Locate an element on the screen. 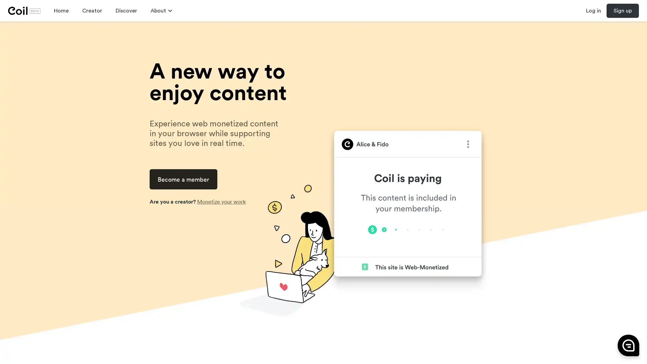 The width and height of the screenshot is (647, 364). Log in is located at coordinates (593, 10).